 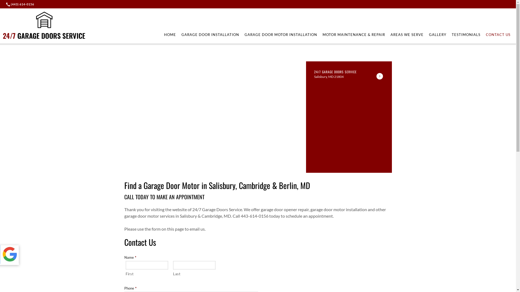 What do you see at coordinates (164, 34) in the screenshot?
I see `'HOME'` at bounding box center [164, 34].